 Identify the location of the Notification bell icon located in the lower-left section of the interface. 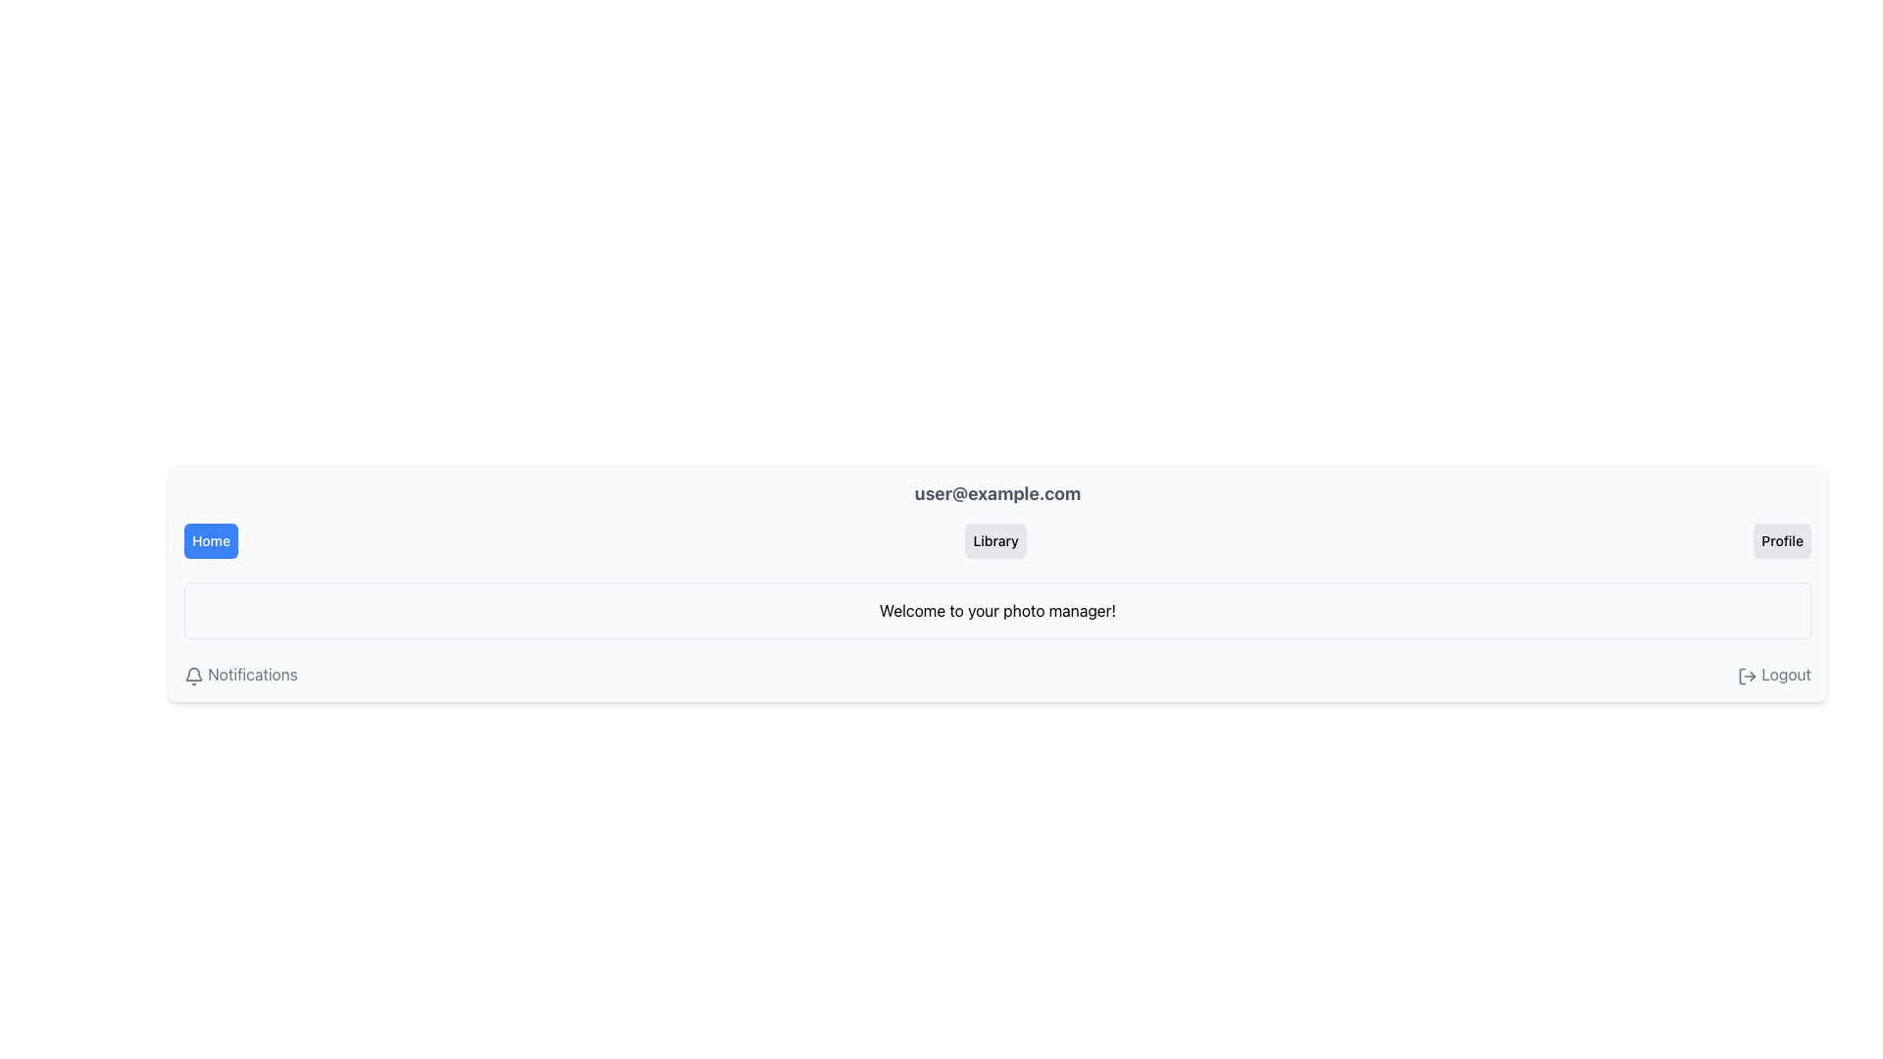
(193, 675).